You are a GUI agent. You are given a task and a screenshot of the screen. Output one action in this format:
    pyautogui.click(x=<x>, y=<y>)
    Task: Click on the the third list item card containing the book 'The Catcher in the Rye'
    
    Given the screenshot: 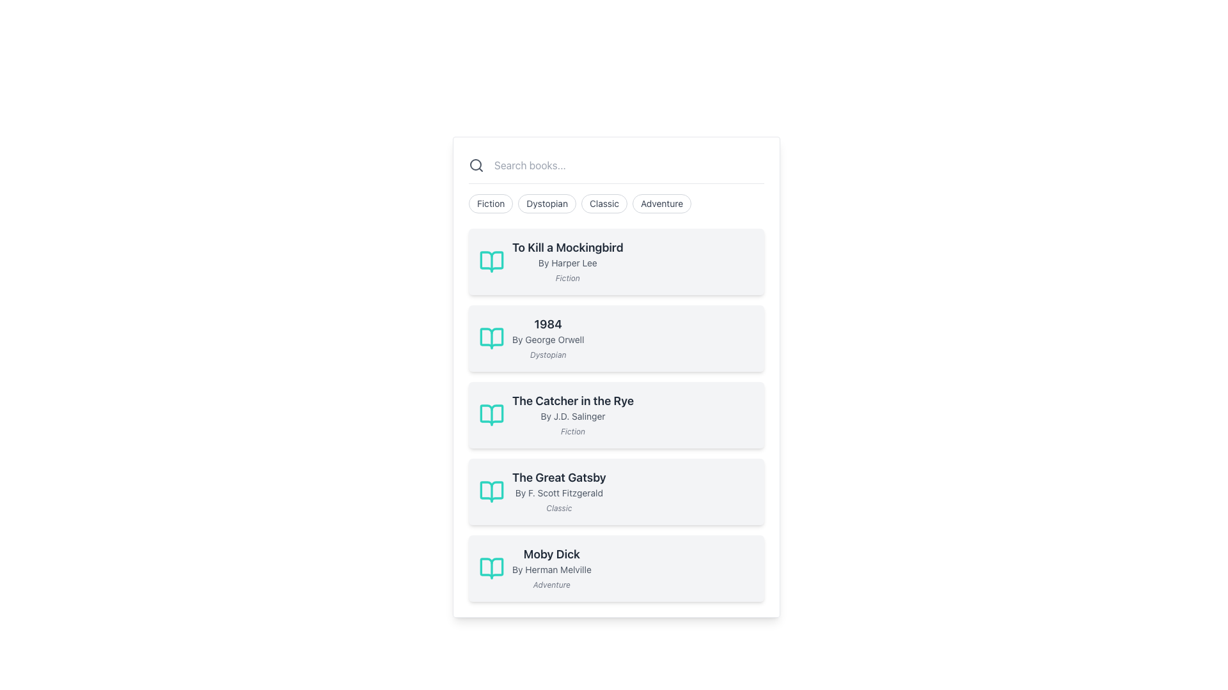 What is the action you would take?
    pyautogui.click(x=617, y=415)
    